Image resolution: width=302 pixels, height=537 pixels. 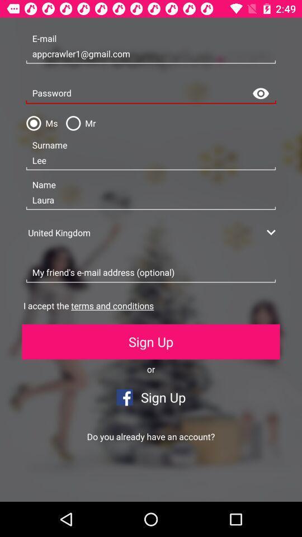 What do you see at coordinates (39, 123) in the screenshot?
I see `the item next to the mr icon` at bounding box center [39, 123].